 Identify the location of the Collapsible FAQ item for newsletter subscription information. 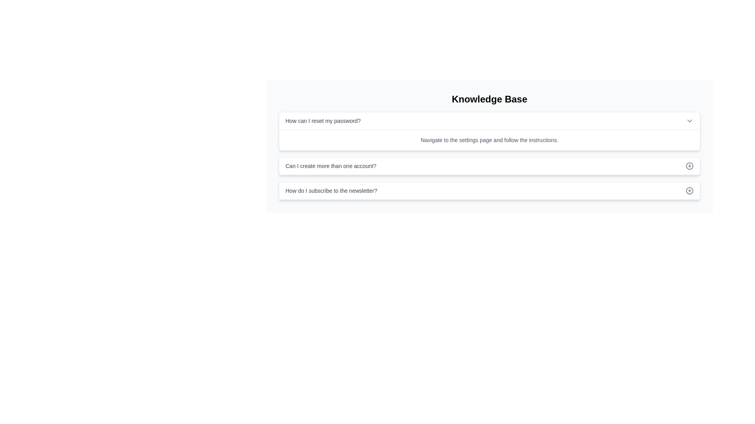
(489, 191).